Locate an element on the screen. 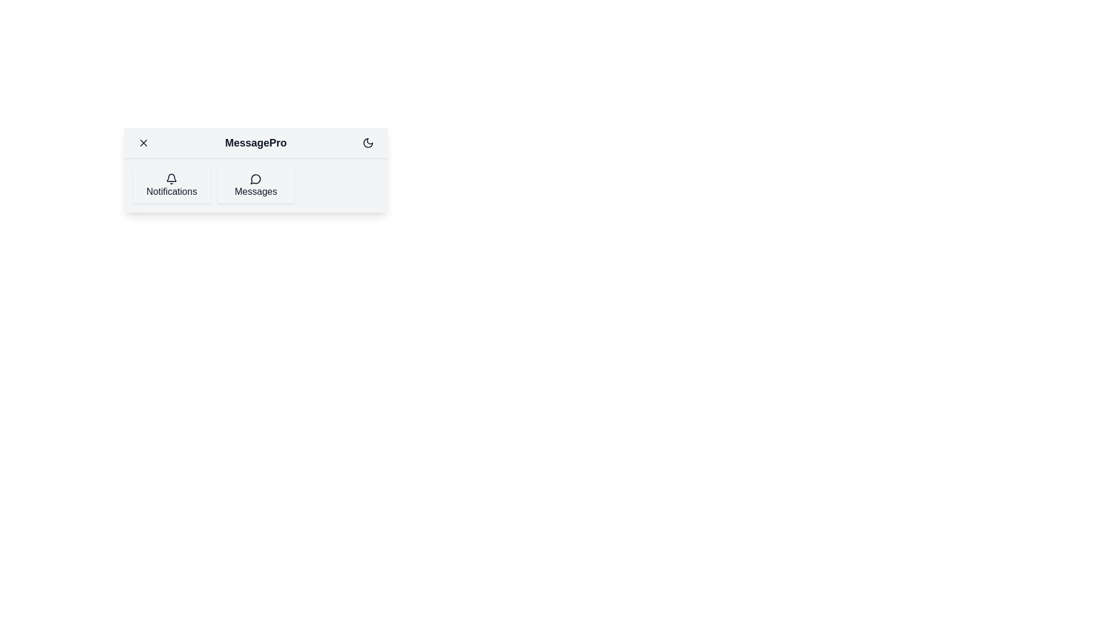 This screenshot has height=628, width=1117. the 'Messages' navigation item is located at coordinates (254, 185).